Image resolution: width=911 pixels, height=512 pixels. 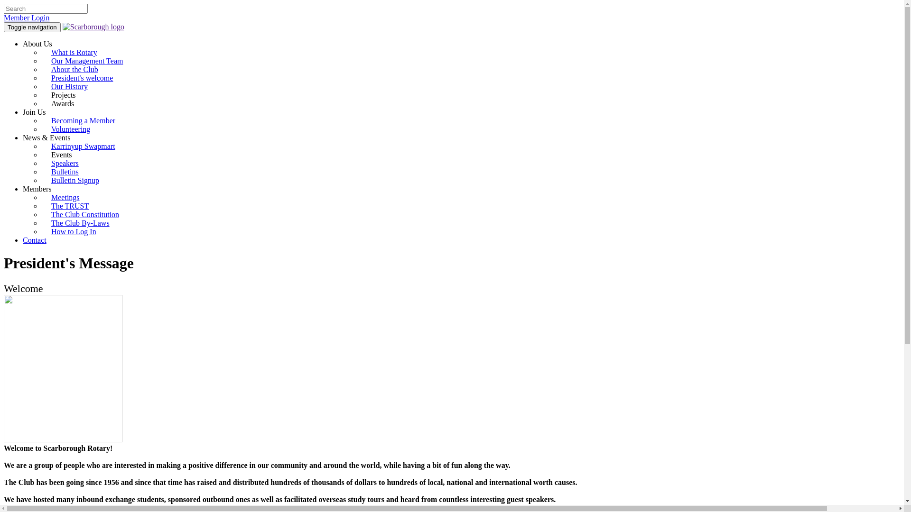 What do you see at coordinates (41, 52) in the screenshot?
I see `'What is Rotary'` at bounding box center [41, 52].